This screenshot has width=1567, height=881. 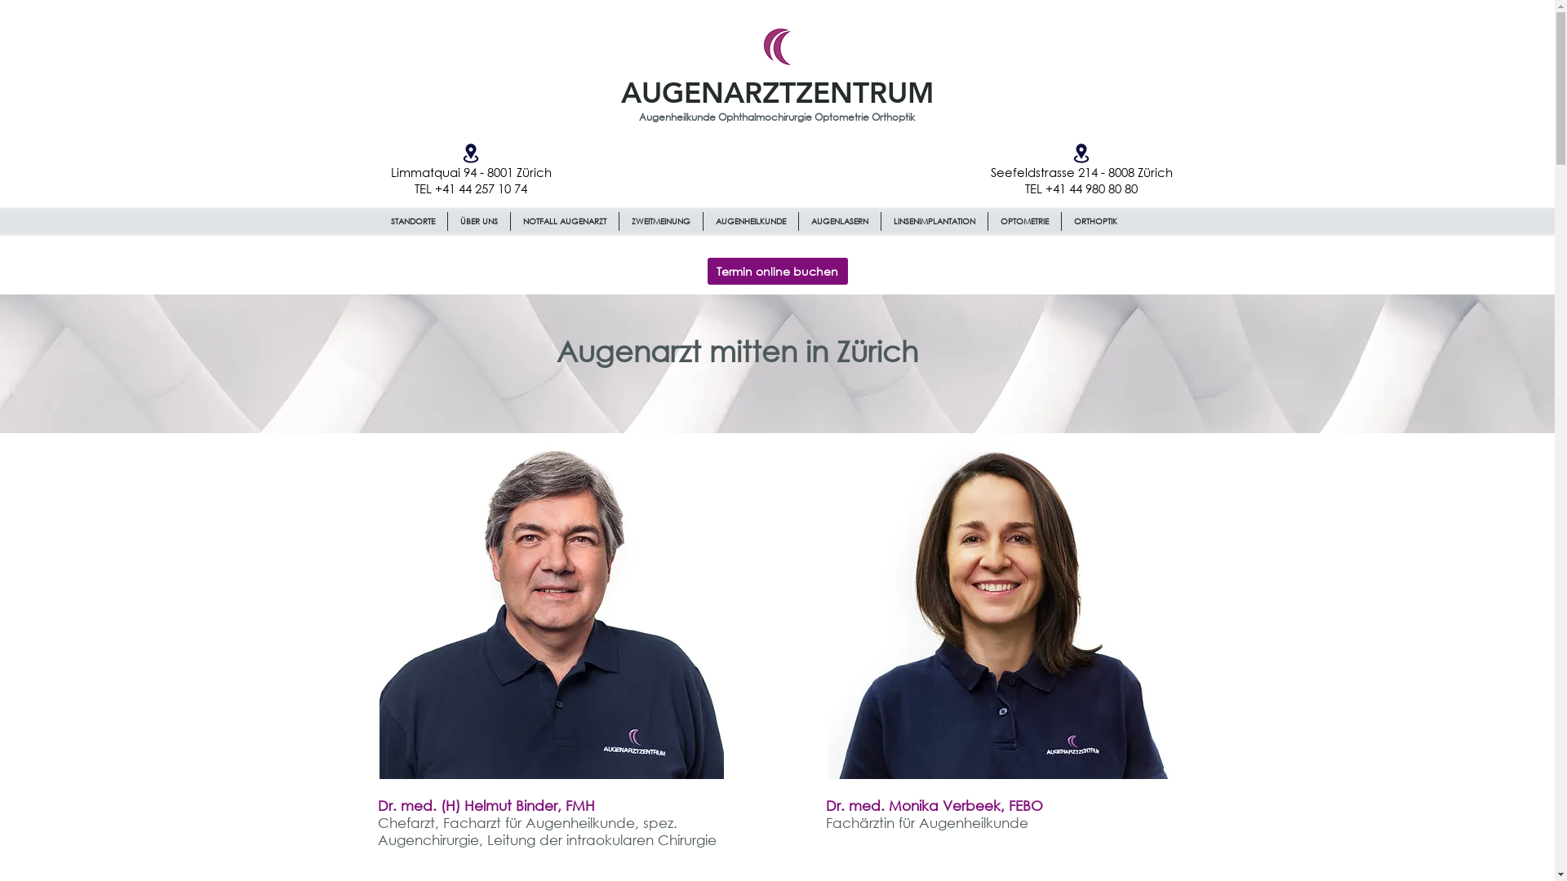 I want to click on 'OPTOMETRIE', so click(x=1023, y=221).